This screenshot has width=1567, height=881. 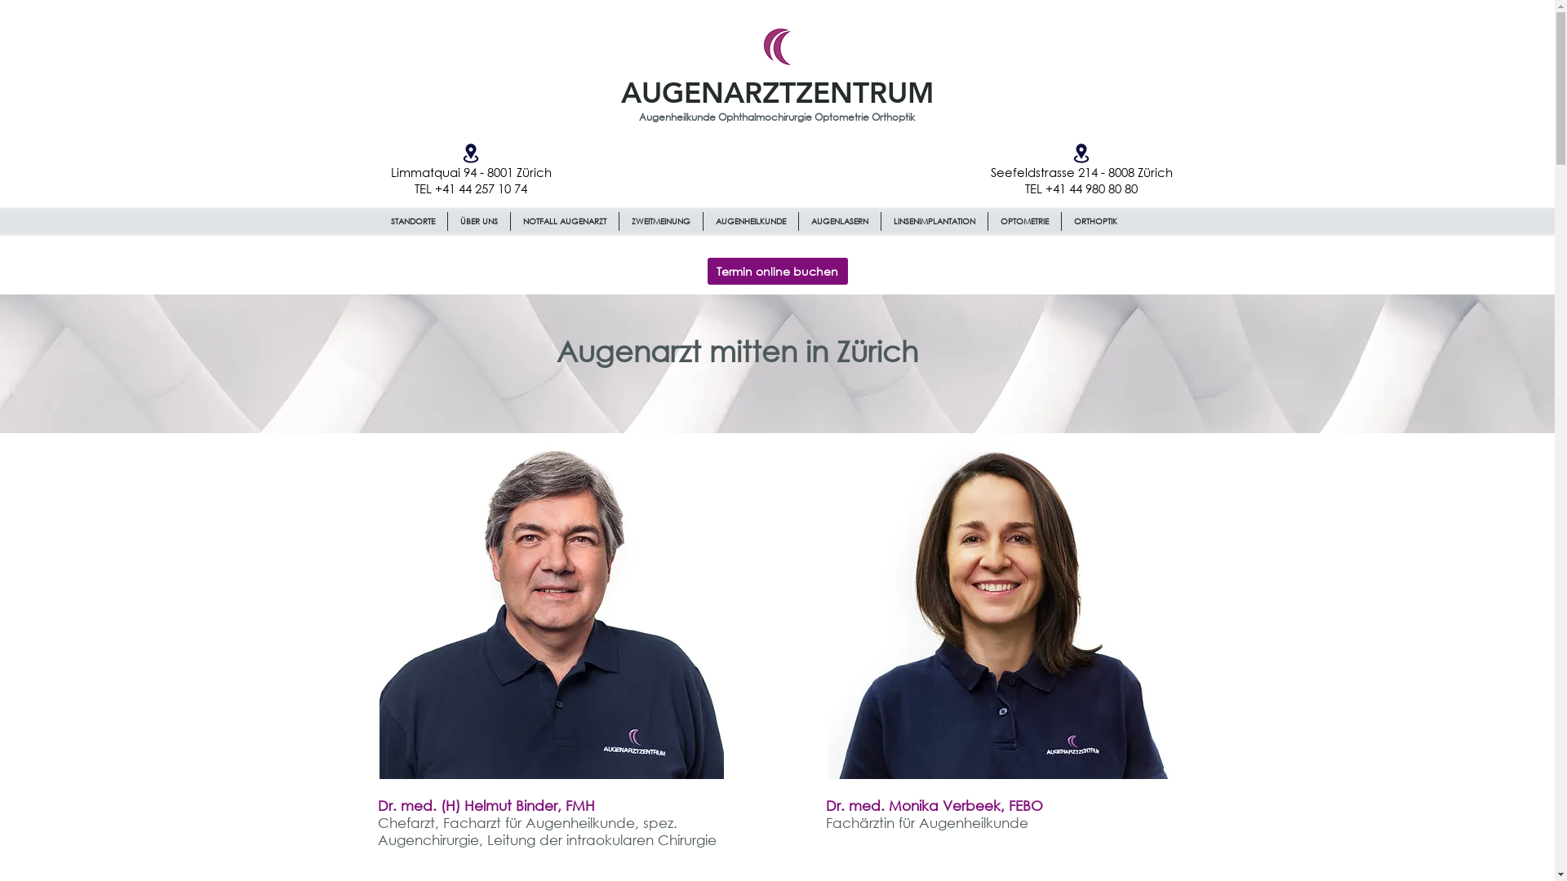 I want to click on 'OPTOMETRIE', so click(x=1023, y=221).